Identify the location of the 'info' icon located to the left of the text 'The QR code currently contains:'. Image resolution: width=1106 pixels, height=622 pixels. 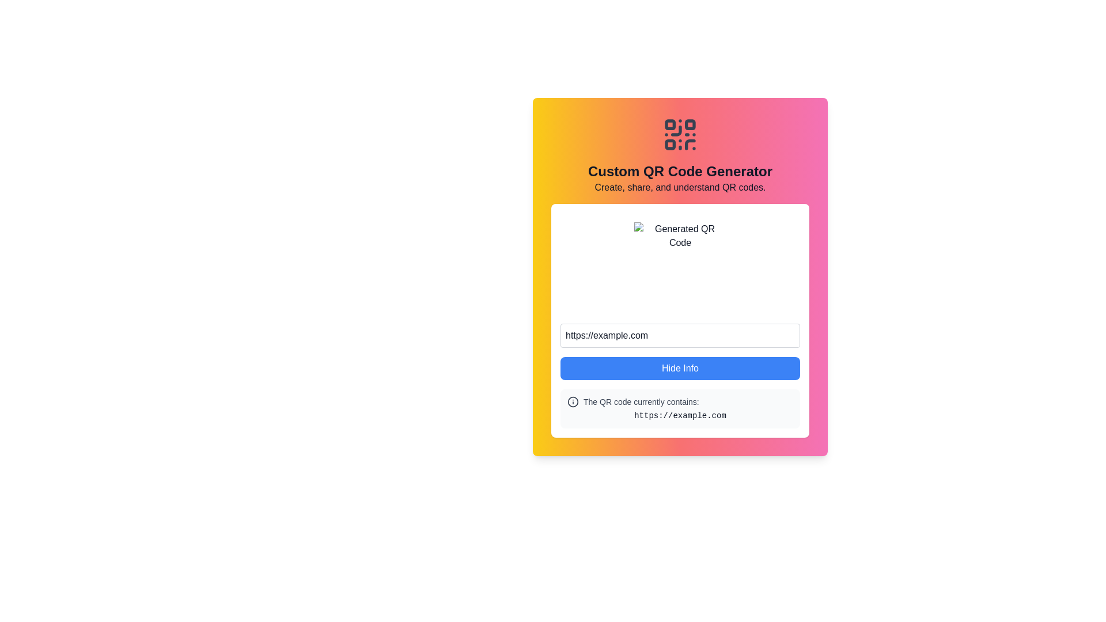
(573, 401).